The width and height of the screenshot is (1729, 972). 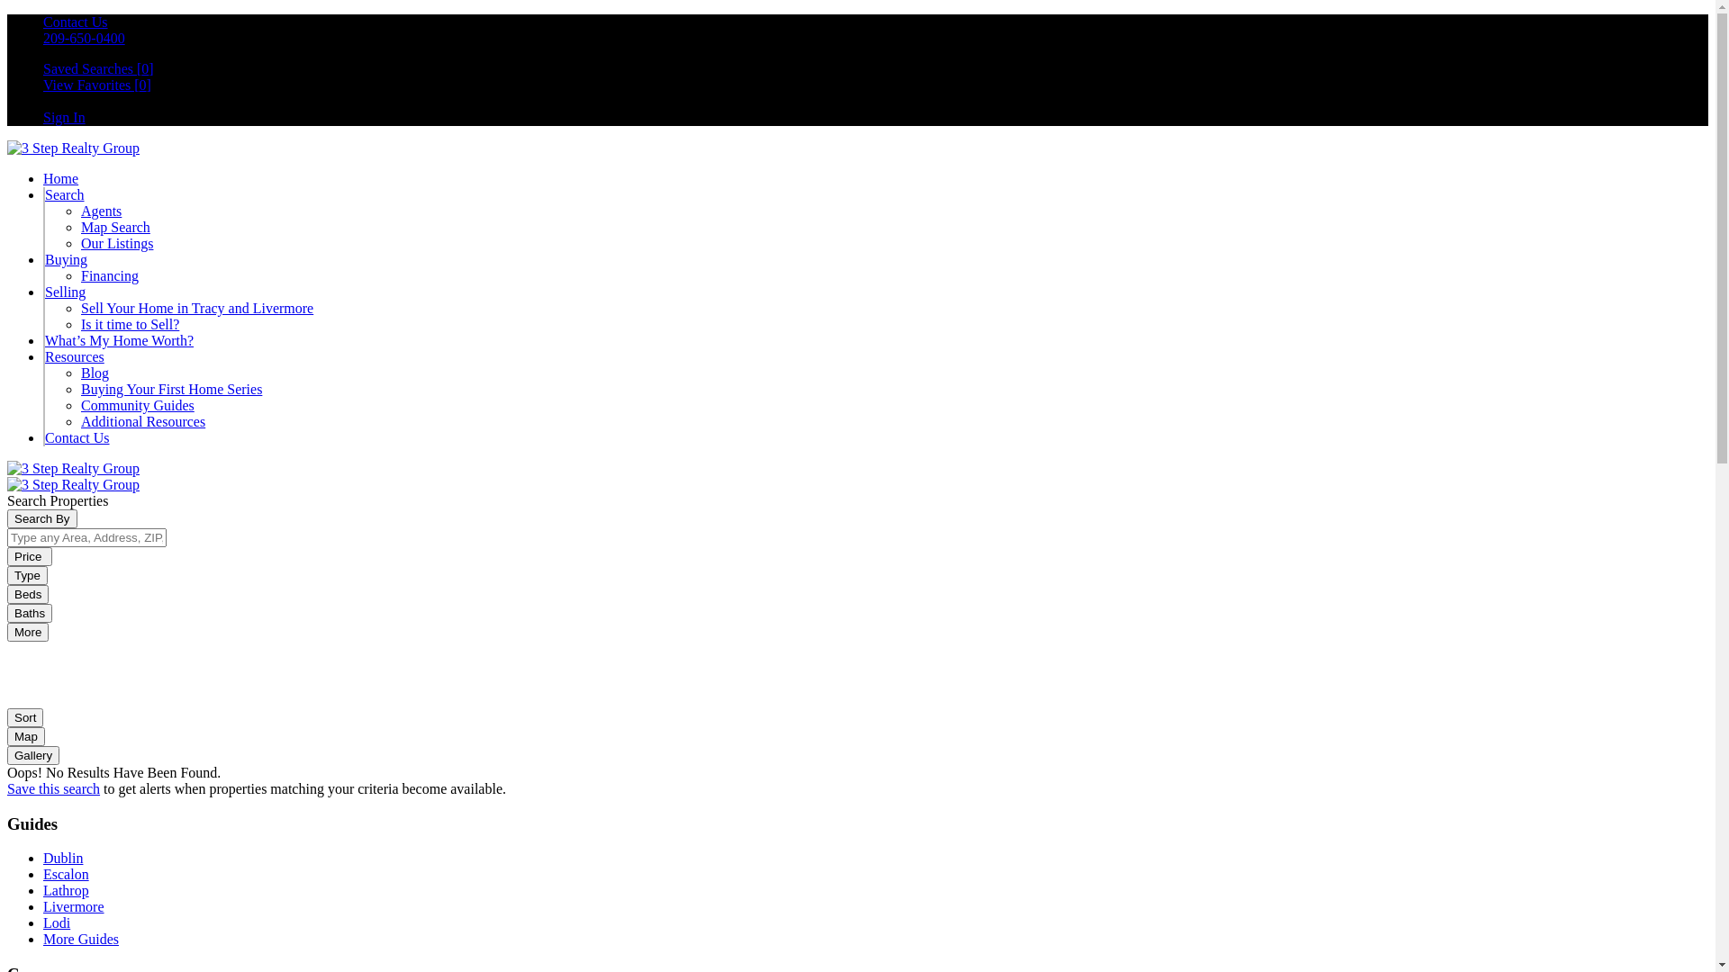 What do you see at coordinates (137, 405) in the screenshot?
I see `'Community Guides'` at bounding box center [137, 405].